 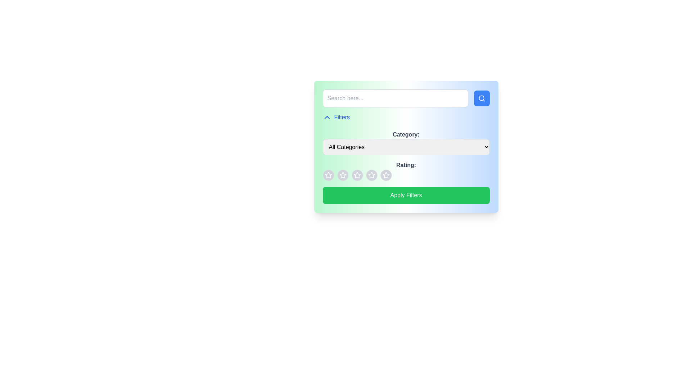 What do you see at coordinates (406, 143) in the screenshot?
I see `dropdown menu for category filtering located below the 'Category:' label and above the 'Rating:' stars group within the filter panel using developer tools` at bounding box center [406, 143].